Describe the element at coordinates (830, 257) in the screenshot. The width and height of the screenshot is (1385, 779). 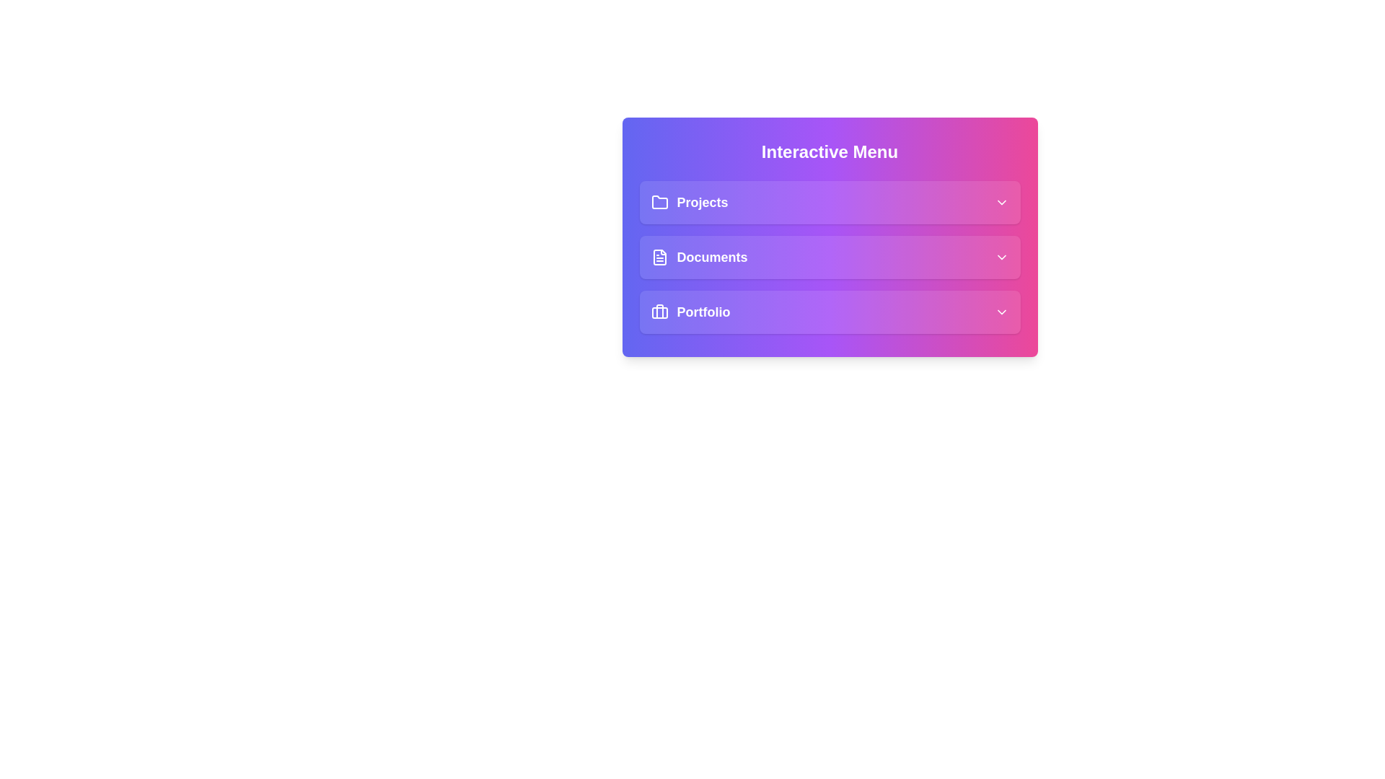
I see `the 'Documents' menu item, which is the second item in the 'Interactive Menu' list, positioned below 'Projects' and above 'Portfolio'` at that location.